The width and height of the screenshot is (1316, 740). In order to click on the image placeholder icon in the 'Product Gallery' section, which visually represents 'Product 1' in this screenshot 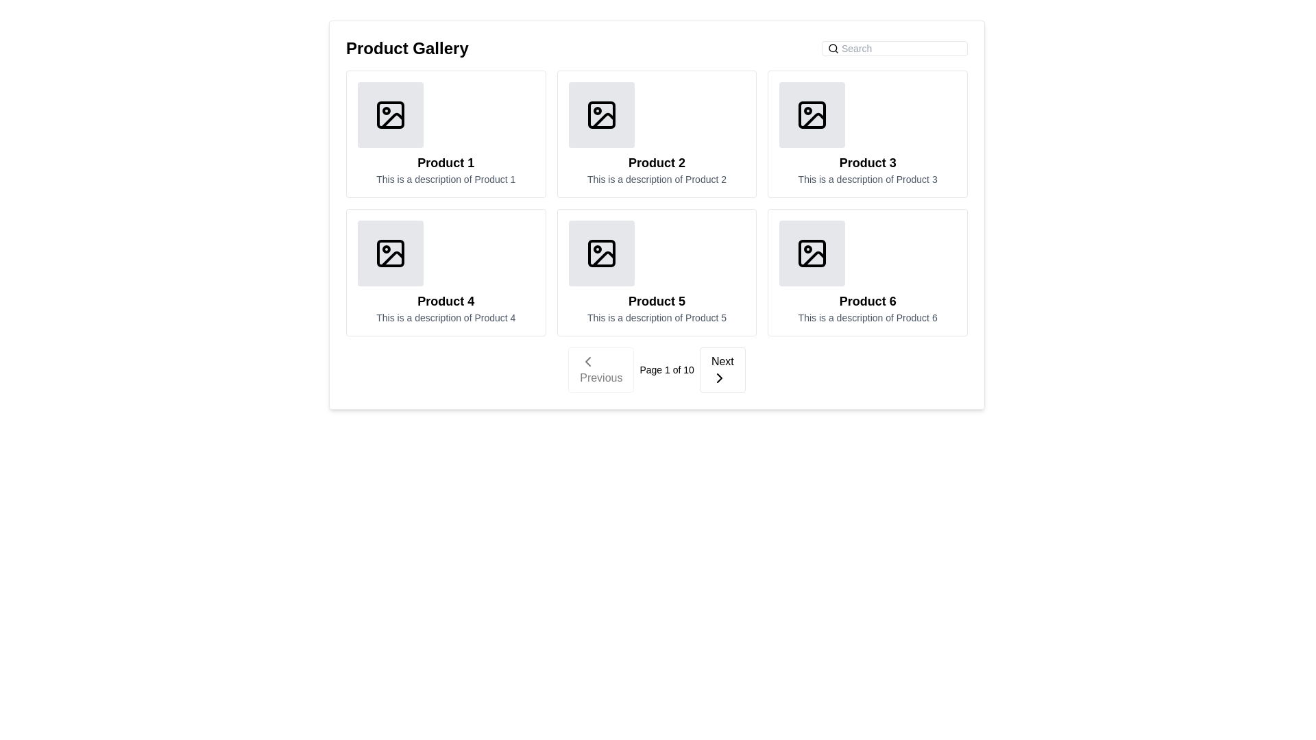, I will do `click(390, 114)`.